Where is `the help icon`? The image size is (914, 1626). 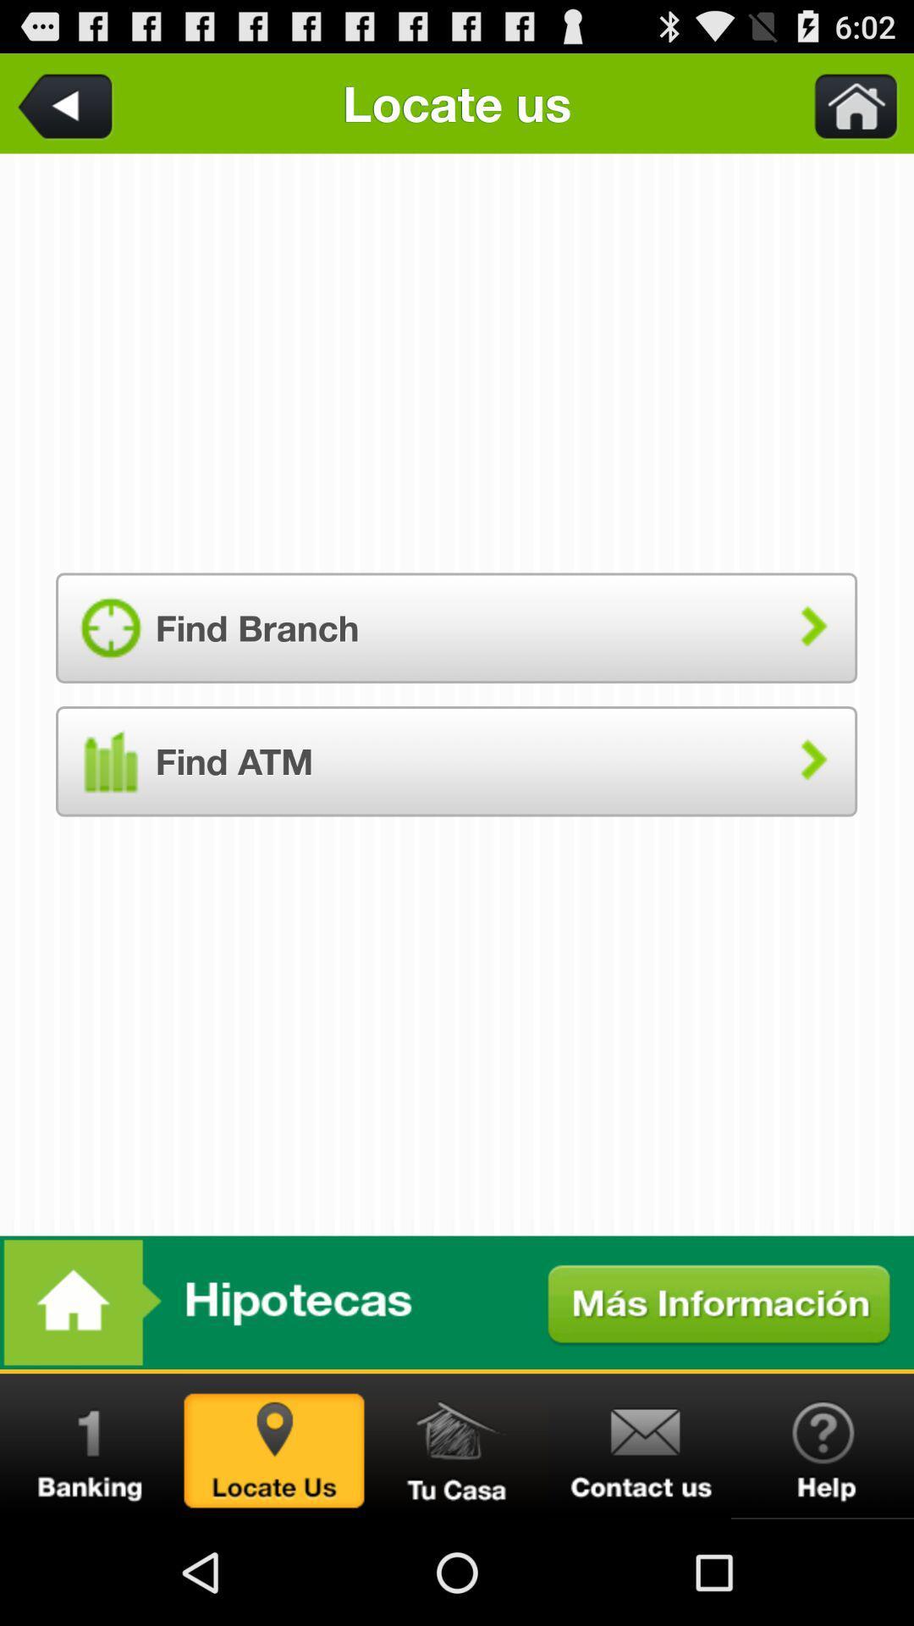 the help icon is located at coordinates (822, 1548).